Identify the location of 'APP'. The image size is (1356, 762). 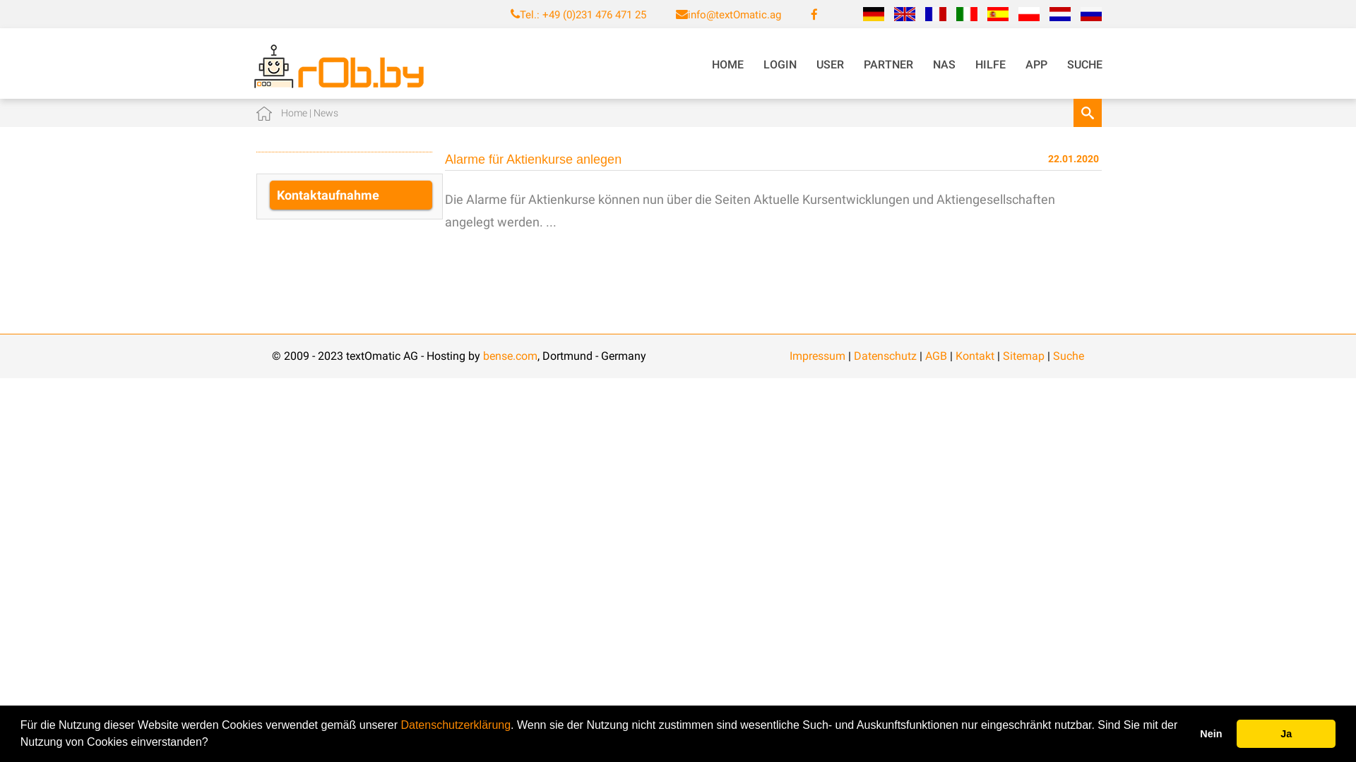
(1036, 64).